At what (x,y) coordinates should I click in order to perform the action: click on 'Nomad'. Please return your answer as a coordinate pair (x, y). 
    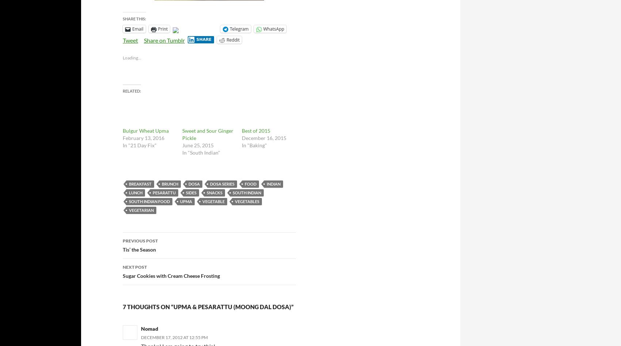
    Looking at the image, I should click on (149, 328).